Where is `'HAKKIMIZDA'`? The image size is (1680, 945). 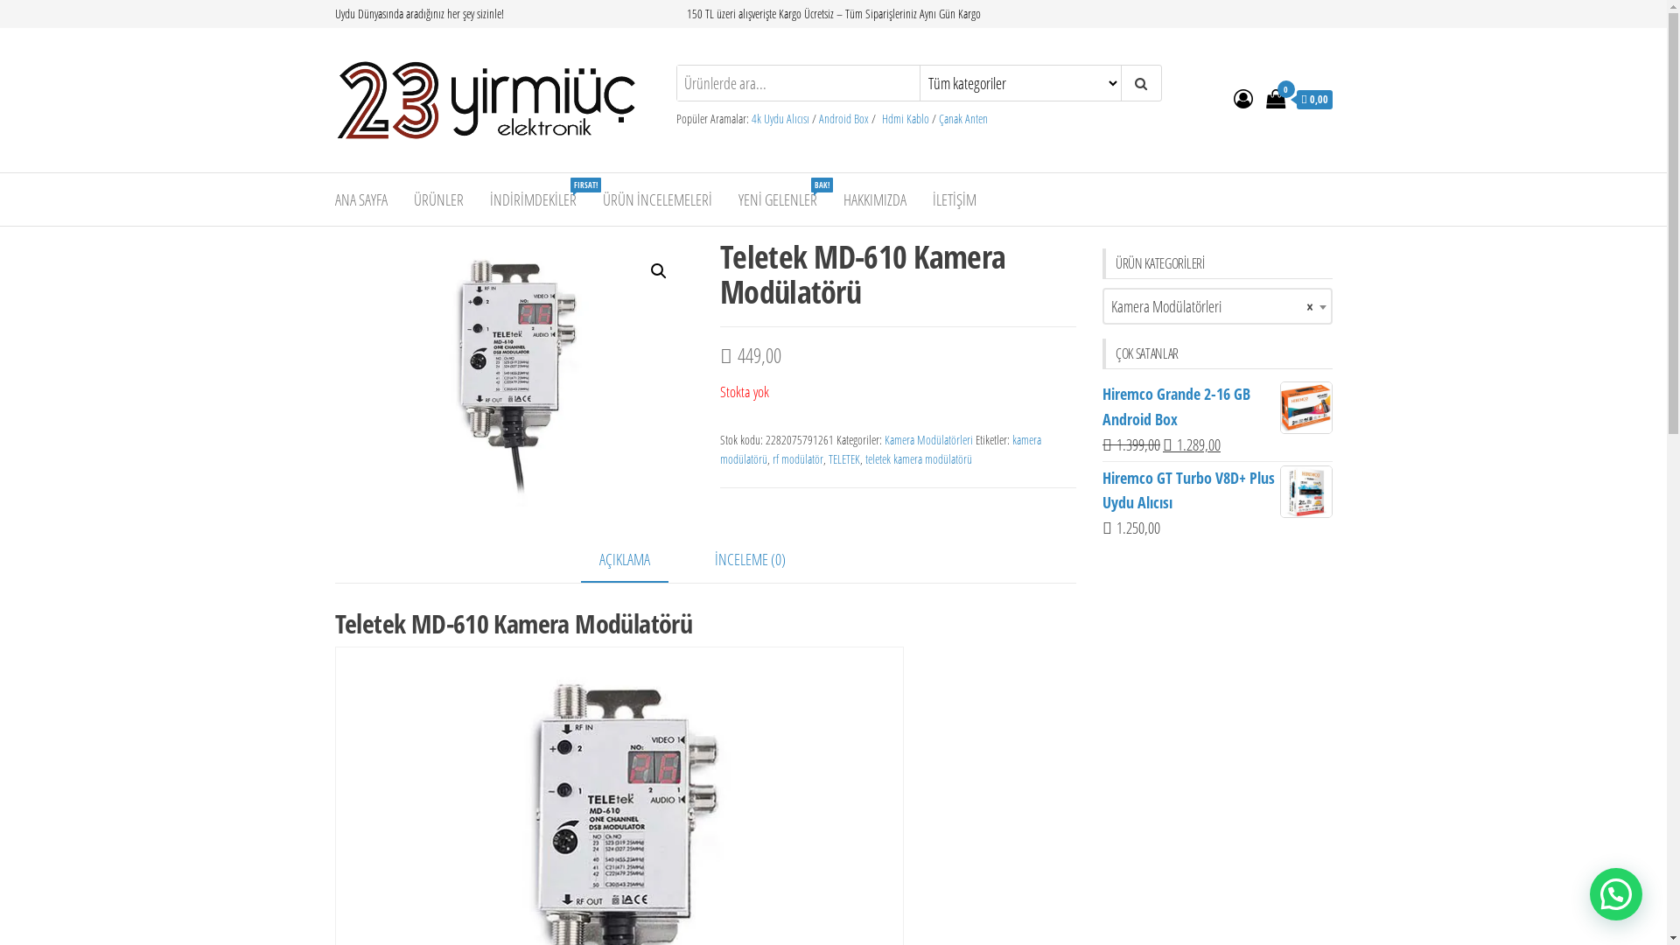
'HAKKIMIZDA' is located at coordinates (829, 198).